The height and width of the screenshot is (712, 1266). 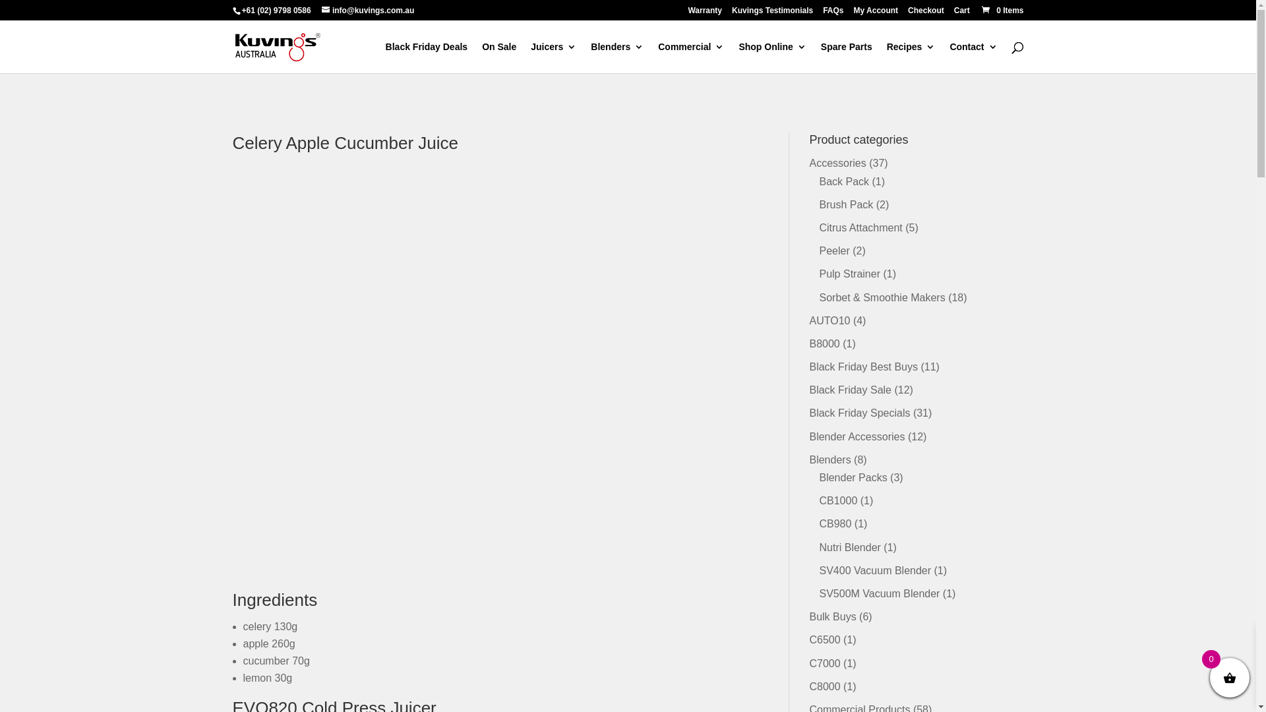 What do you see at coordinates (837, 500) in the screenshot?
I see `'CB1000'` at bounding box center [837, 500].